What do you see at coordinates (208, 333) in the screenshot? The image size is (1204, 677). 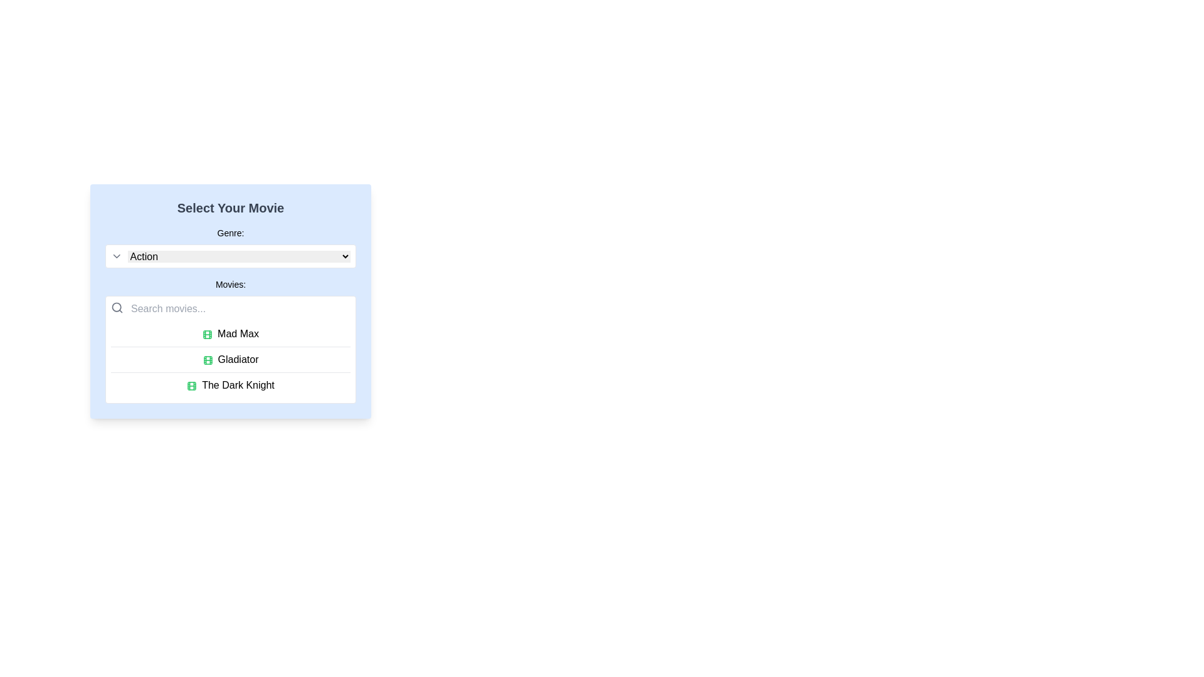 I see `the movie icon representing 'Mad Max', which is located to the left of the text entry in the first movie of the list under the 'Movies' section` at bounding box center [208, 333].